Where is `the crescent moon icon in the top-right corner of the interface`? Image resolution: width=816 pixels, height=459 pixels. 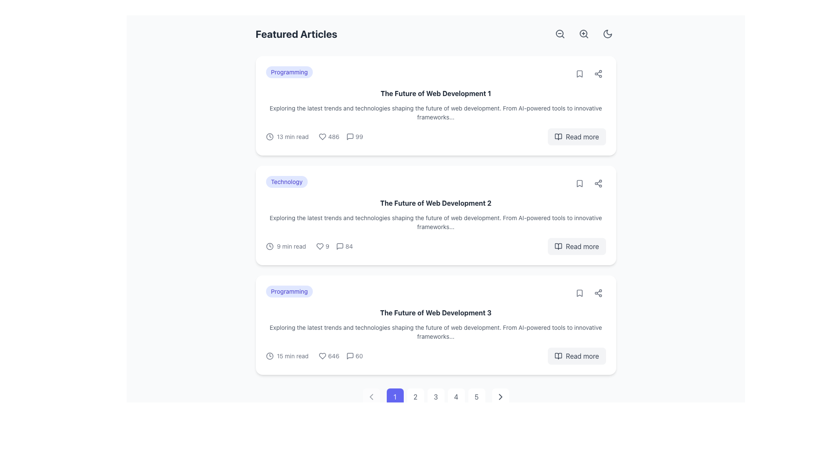 the crescent moon icon in the top-right corner of the interface is located at coordinates (607, 34).